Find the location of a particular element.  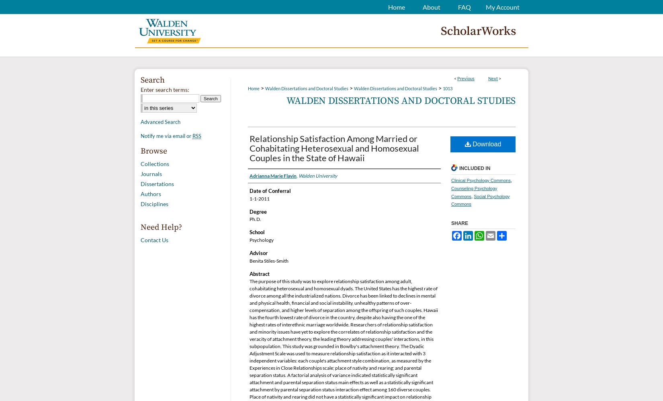

'Advisor' is located at coordinates (258, 253).